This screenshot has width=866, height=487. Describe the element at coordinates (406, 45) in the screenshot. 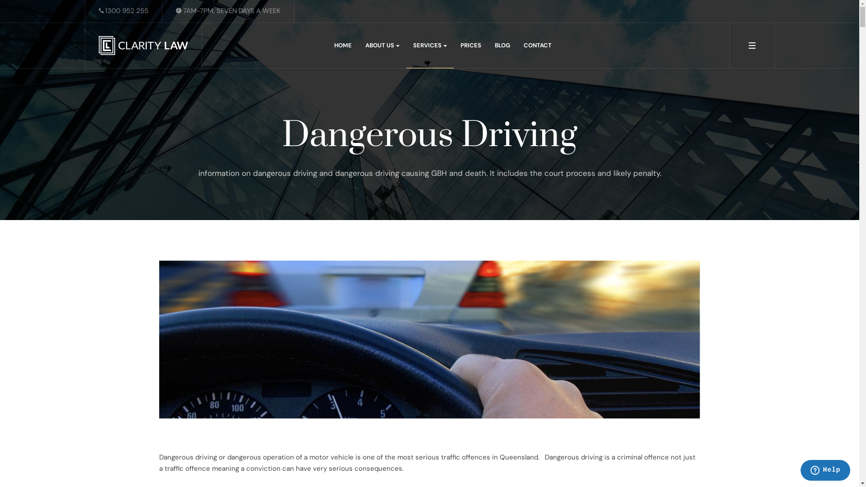

I see `'SERVICES'` at that location.